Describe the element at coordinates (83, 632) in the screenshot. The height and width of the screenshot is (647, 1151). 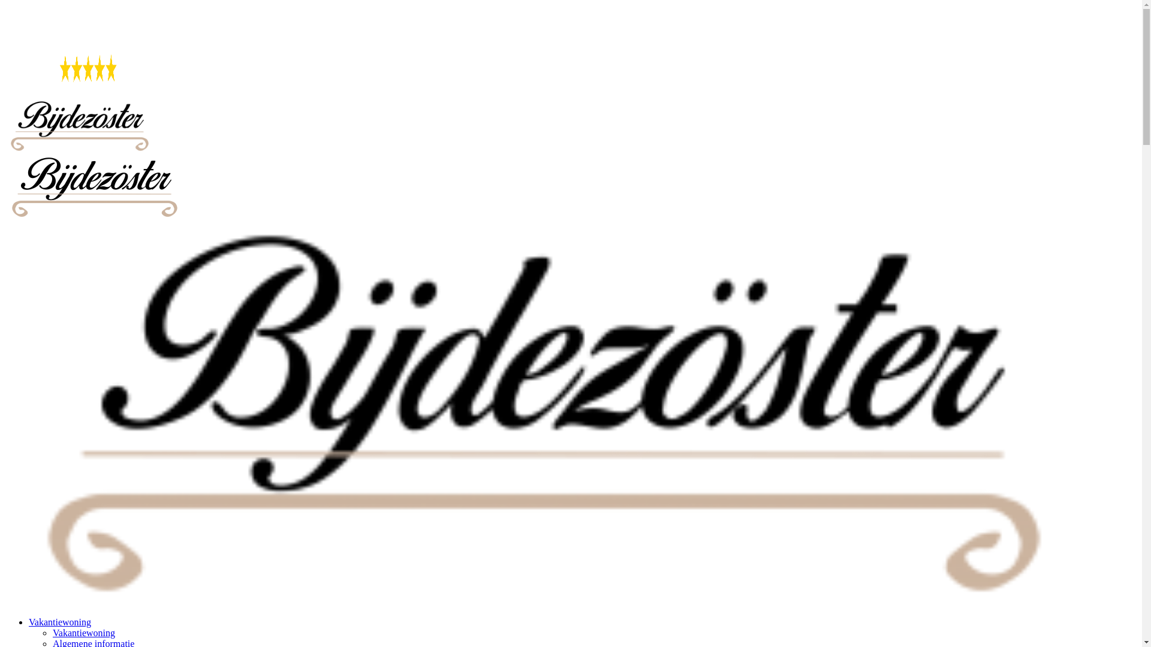
I see `'Vakantiewoning'` at that location.